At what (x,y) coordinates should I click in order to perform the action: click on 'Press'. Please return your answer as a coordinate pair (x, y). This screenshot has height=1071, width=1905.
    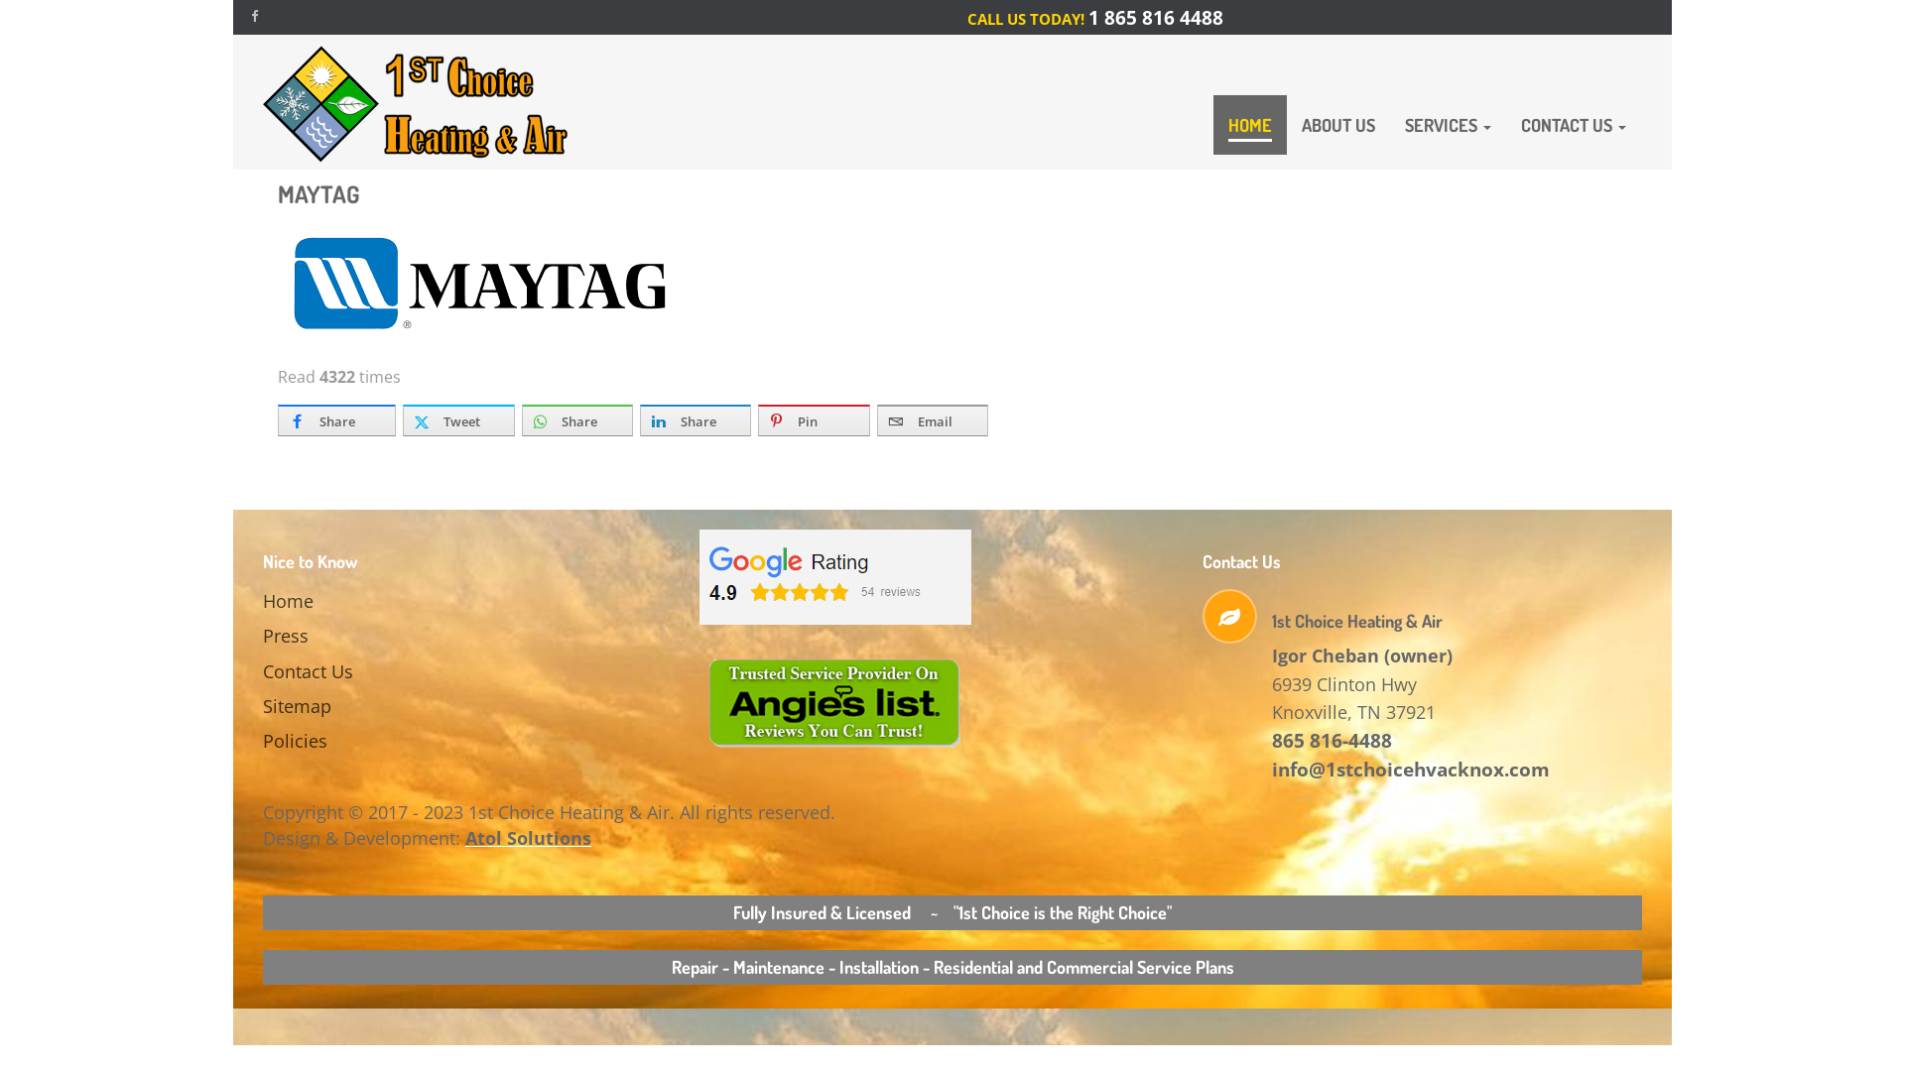
    Looking at the image, I should click on (365, 636).